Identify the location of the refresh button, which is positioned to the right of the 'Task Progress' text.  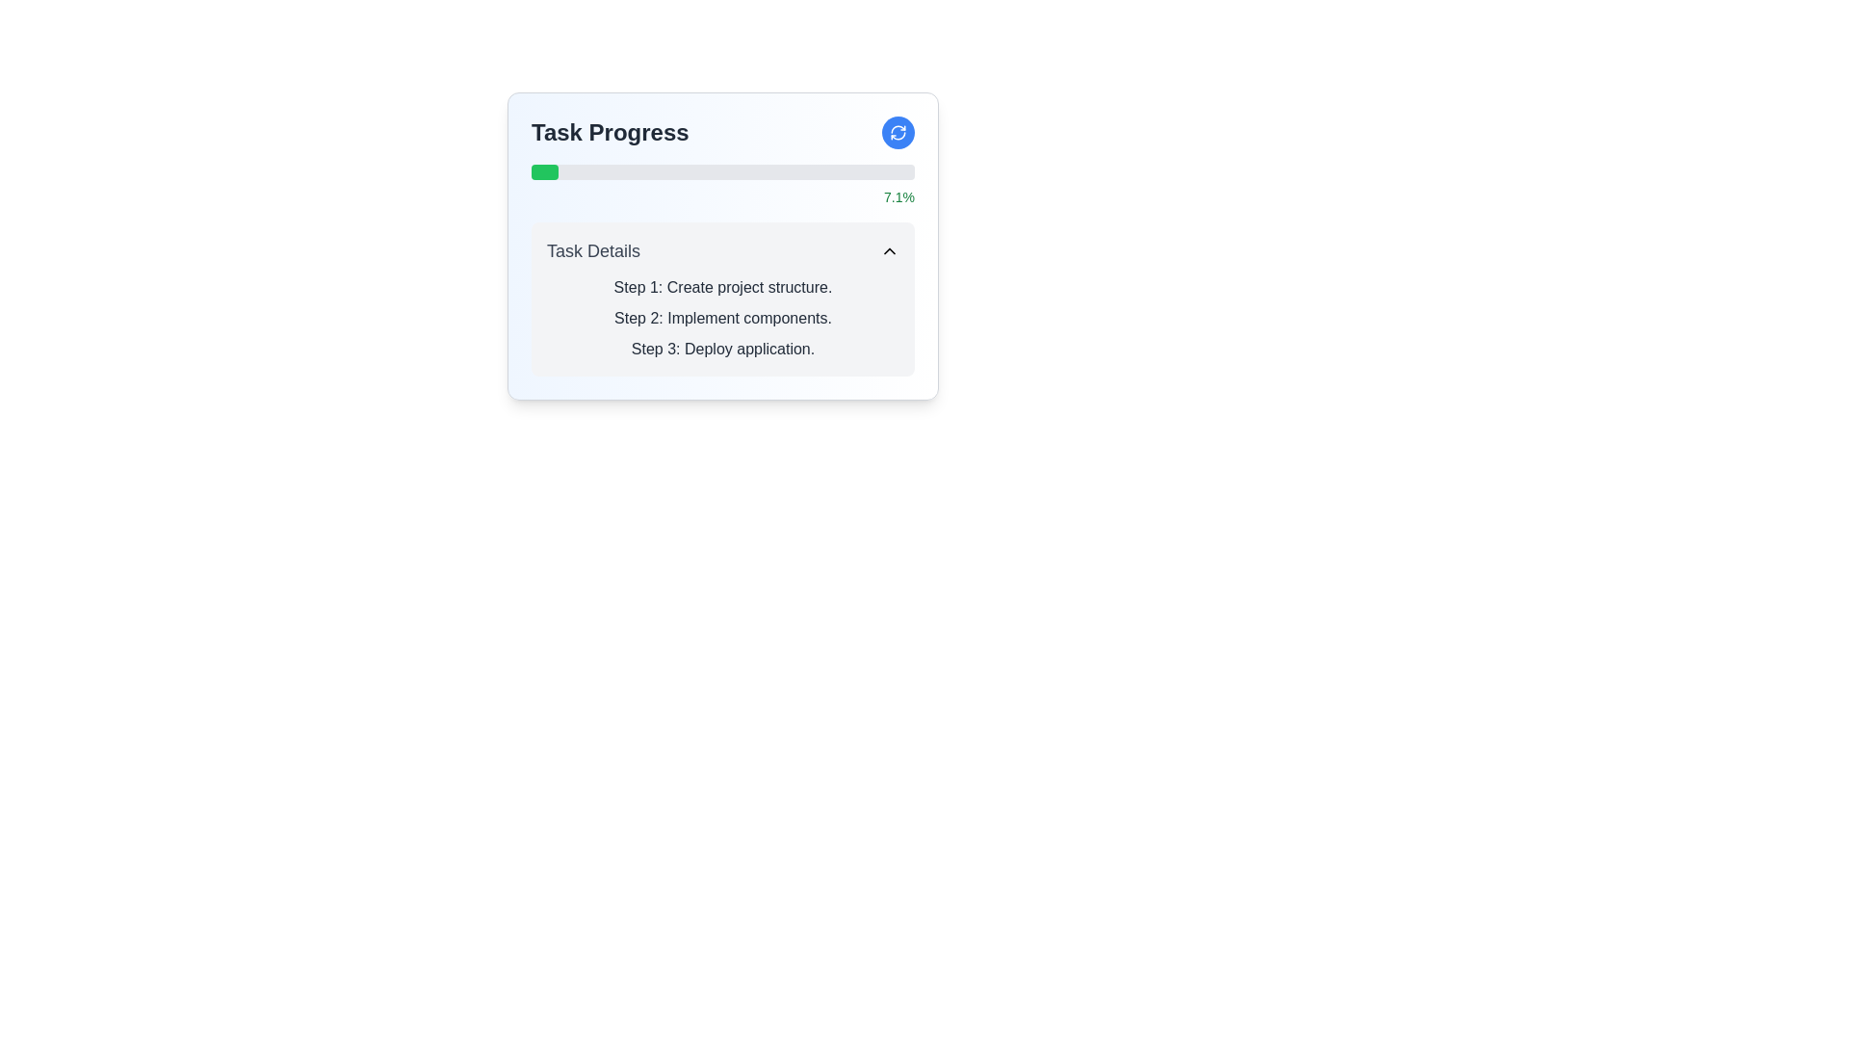
(897, 132).